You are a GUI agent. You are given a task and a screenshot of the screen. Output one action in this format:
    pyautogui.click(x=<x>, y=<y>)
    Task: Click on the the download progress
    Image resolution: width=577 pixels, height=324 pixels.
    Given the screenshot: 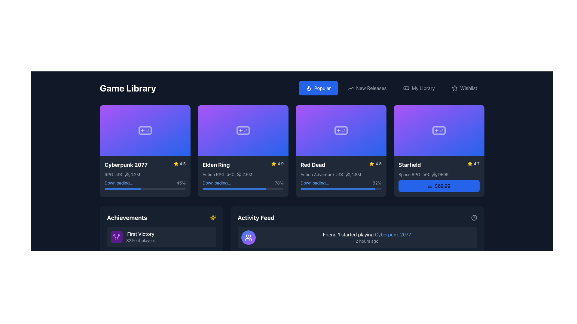 What is the action you would take?
    pyautogui.click(x=353, y=188)
    